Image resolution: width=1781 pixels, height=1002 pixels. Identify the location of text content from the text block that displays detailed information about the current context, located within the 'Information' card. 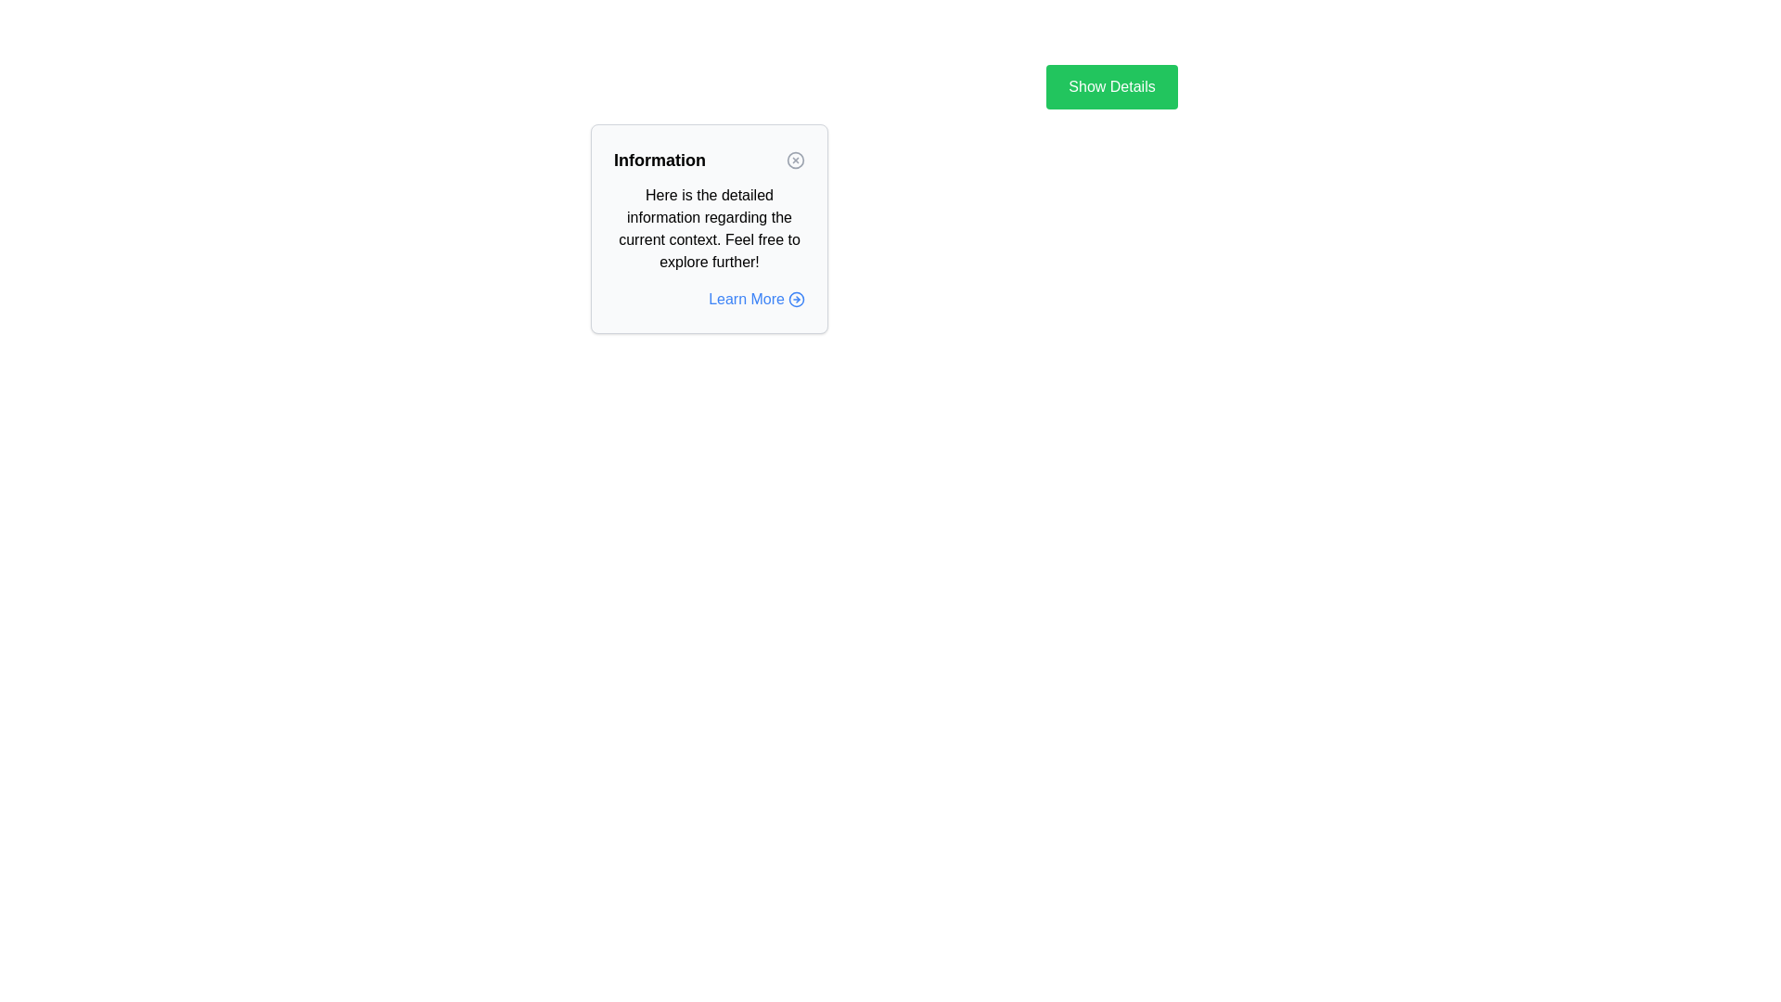
(708, 227).